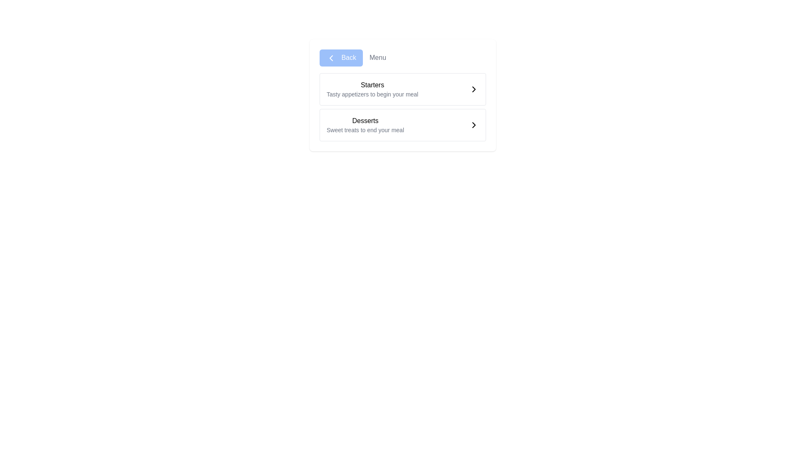 The width and height of the screenshot is (799, 449). What do you see at coordinates (372, 85) in the screenshot?
I see `the 'Starters' text label, which is styled in bold and positioned at the top of the menu section describing appetizers` at bounding box center [372, 85].